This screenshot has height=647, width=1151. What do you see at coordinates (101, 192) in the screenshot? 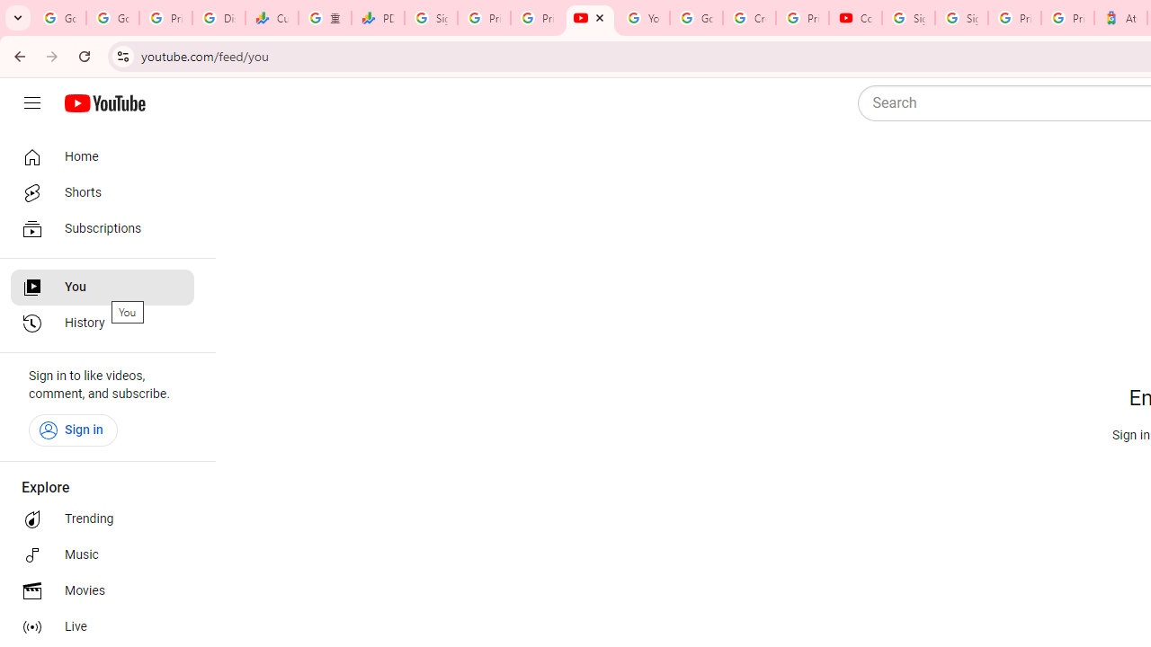
I see `'Shorts'` at bounding box center [101, 192].